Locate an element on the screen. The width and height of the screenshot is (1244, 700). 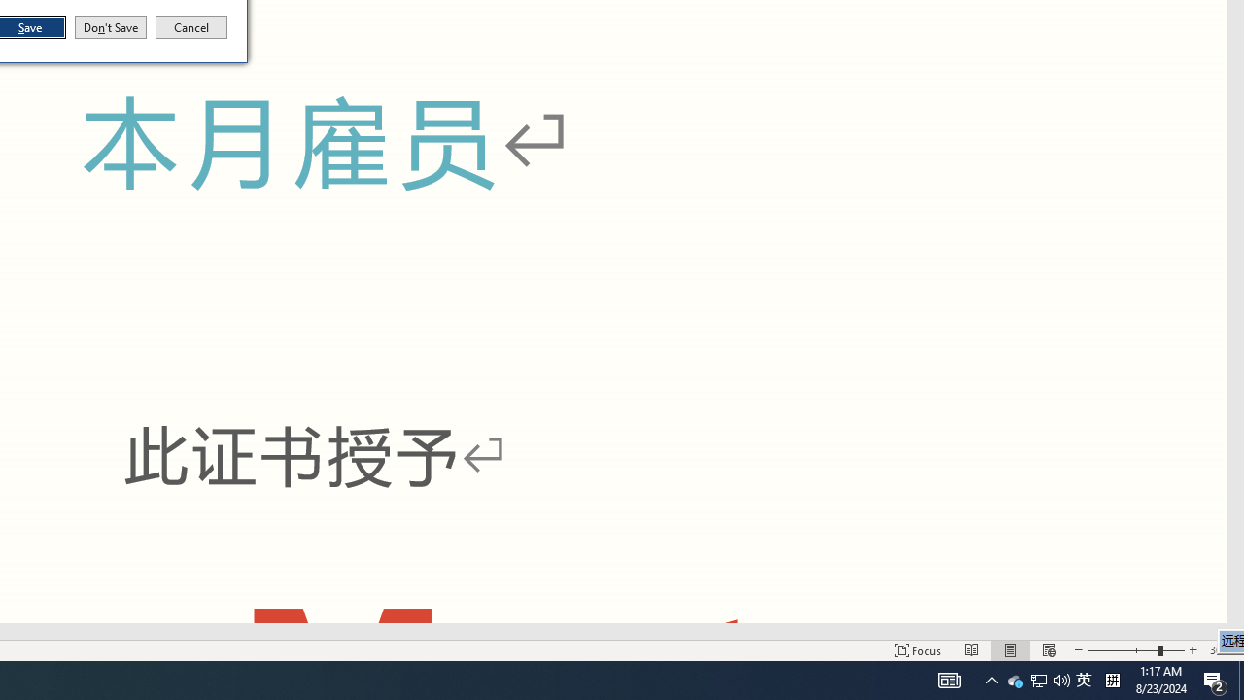
'Tray Input Indicator - Chinese (Simplified, China)' is located at coordinates (1112, 679).